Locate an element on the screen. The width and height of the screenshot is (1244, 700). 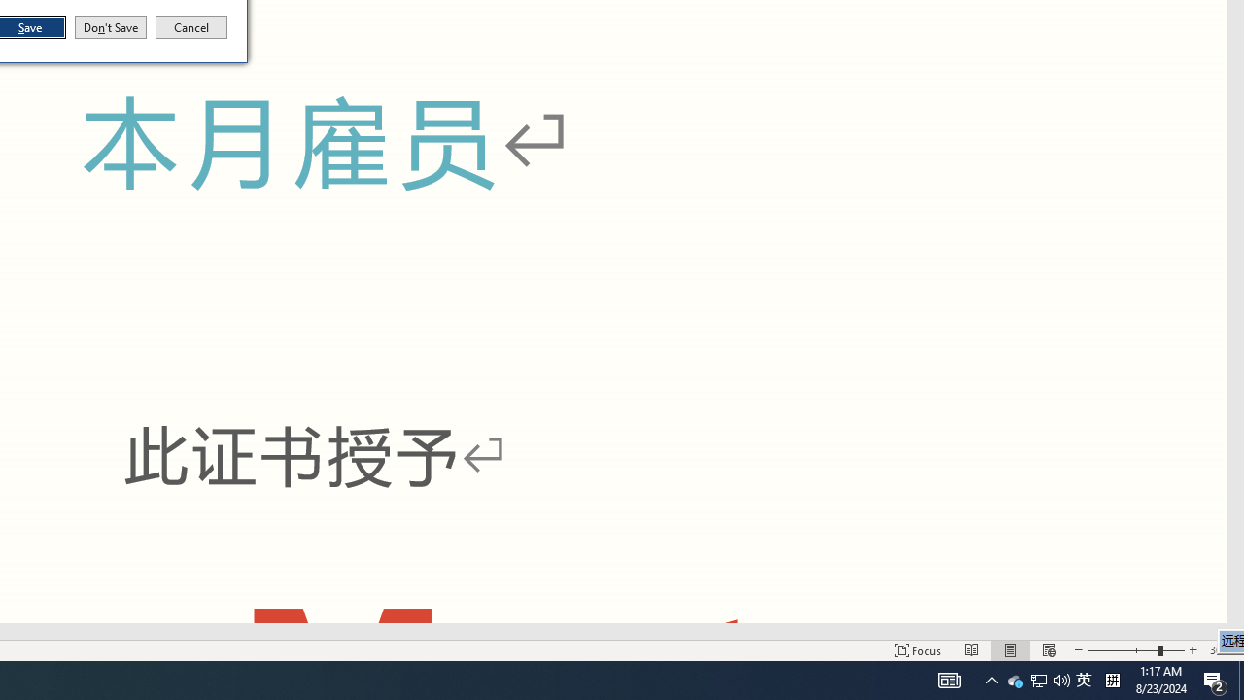
'Tray Input Indicator - Chinese (Simplified, China)' is located at coordinates (1112, 679).